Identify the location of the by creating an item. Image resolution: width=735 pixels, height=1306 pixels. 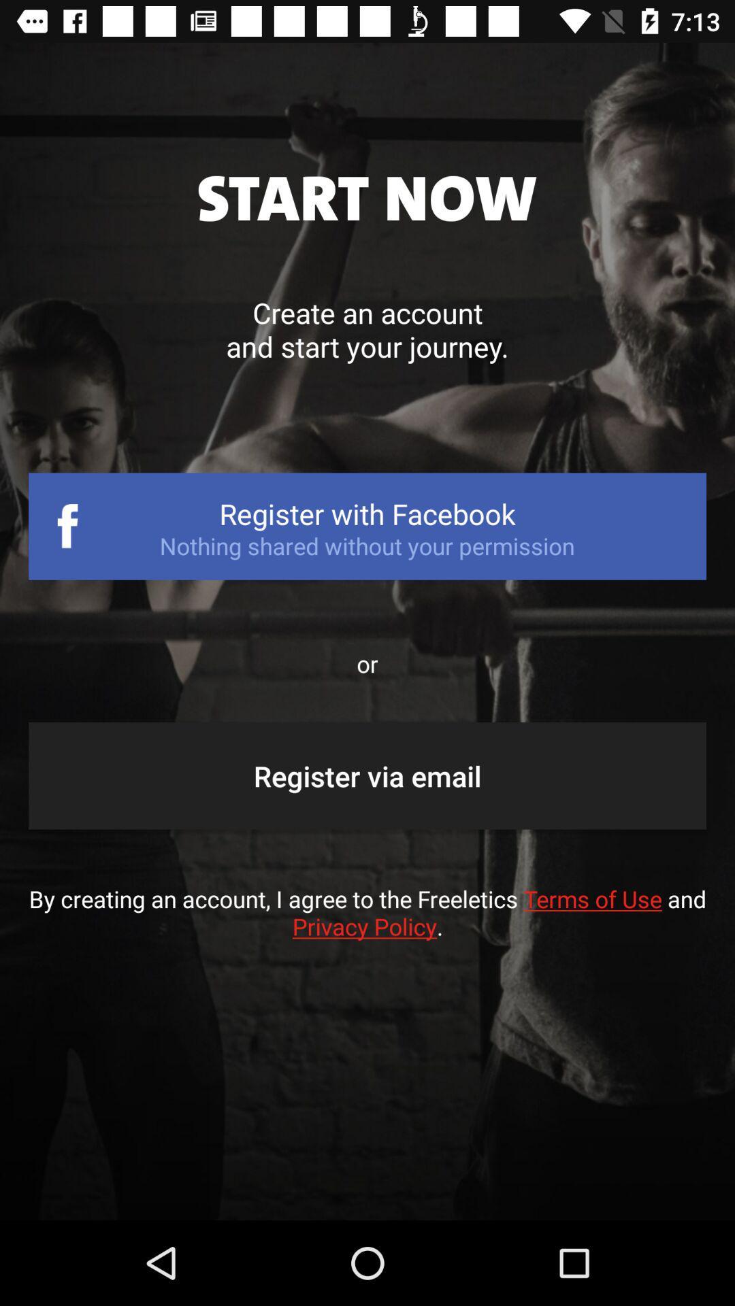
(367, 926).